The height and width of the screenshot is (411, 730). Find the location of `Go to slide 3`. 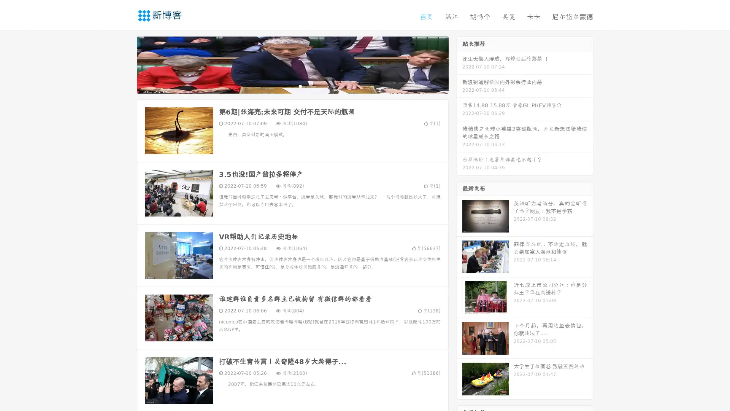

Go to slide 3 is located at coordinates (300, 86).